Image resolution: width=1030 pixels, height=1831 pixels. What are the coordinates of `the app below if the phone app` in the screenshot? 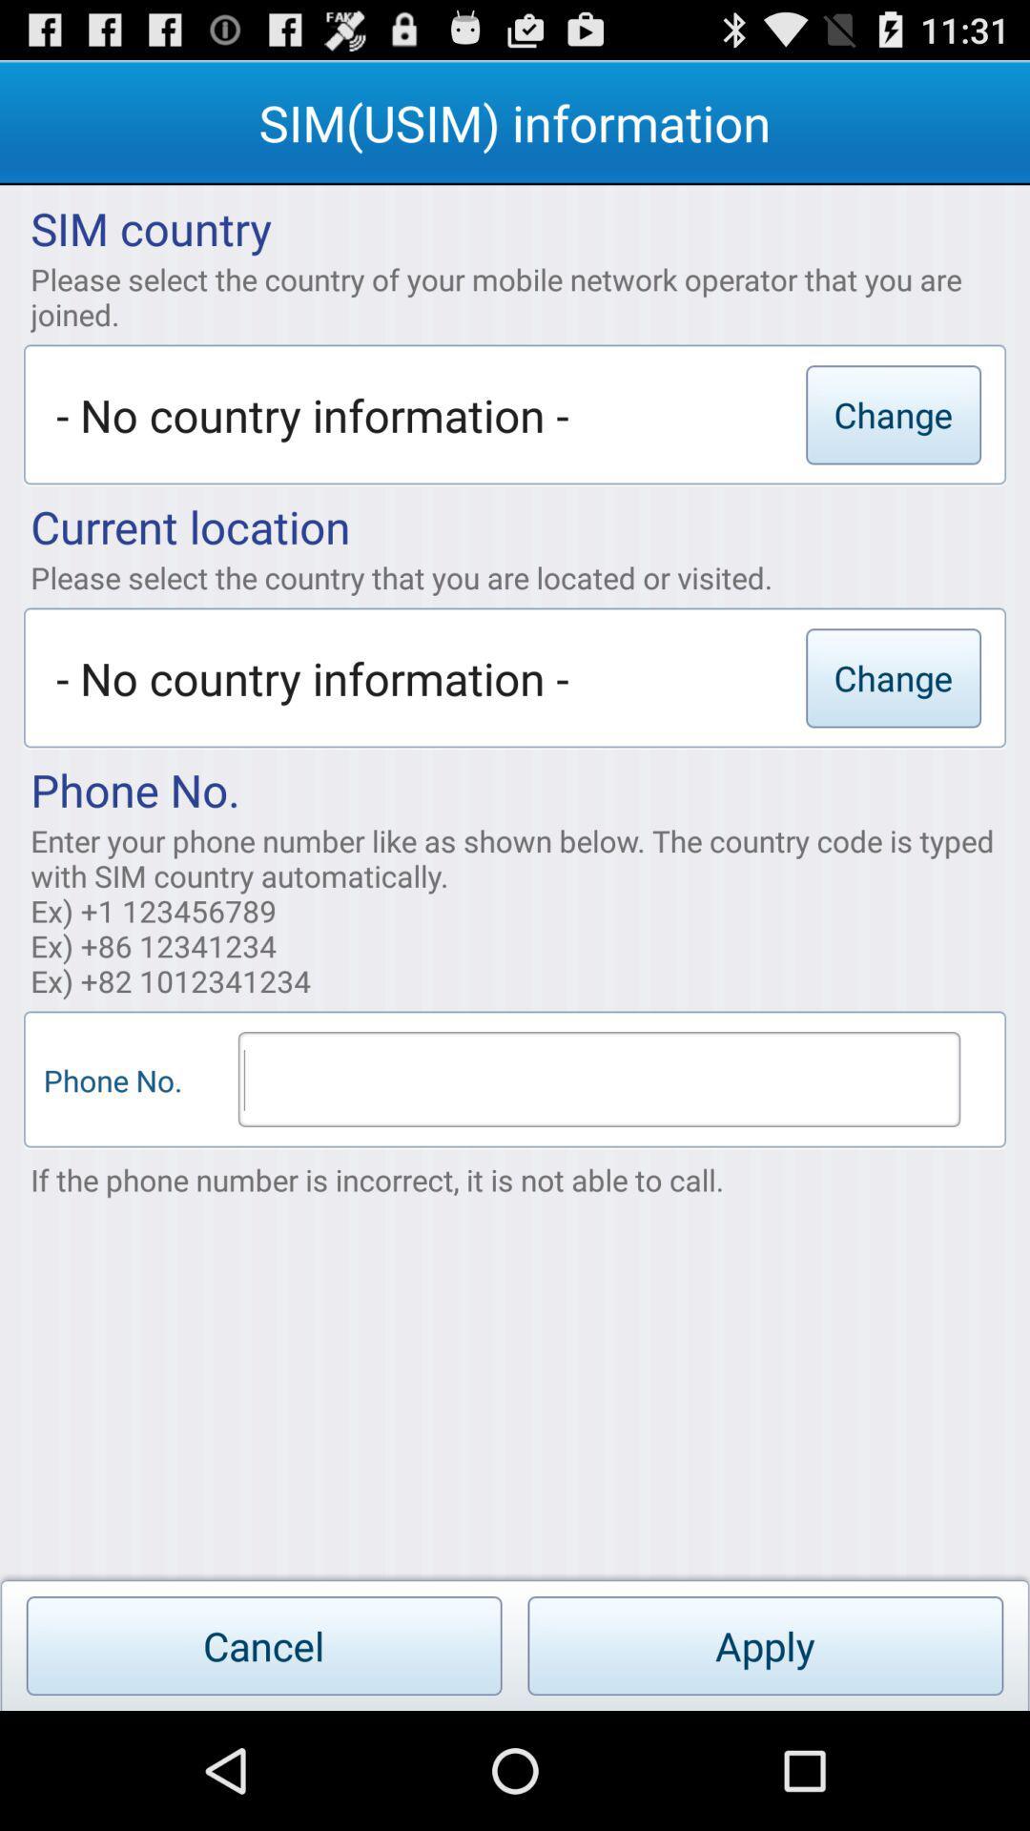 It's located at (264, 1645).